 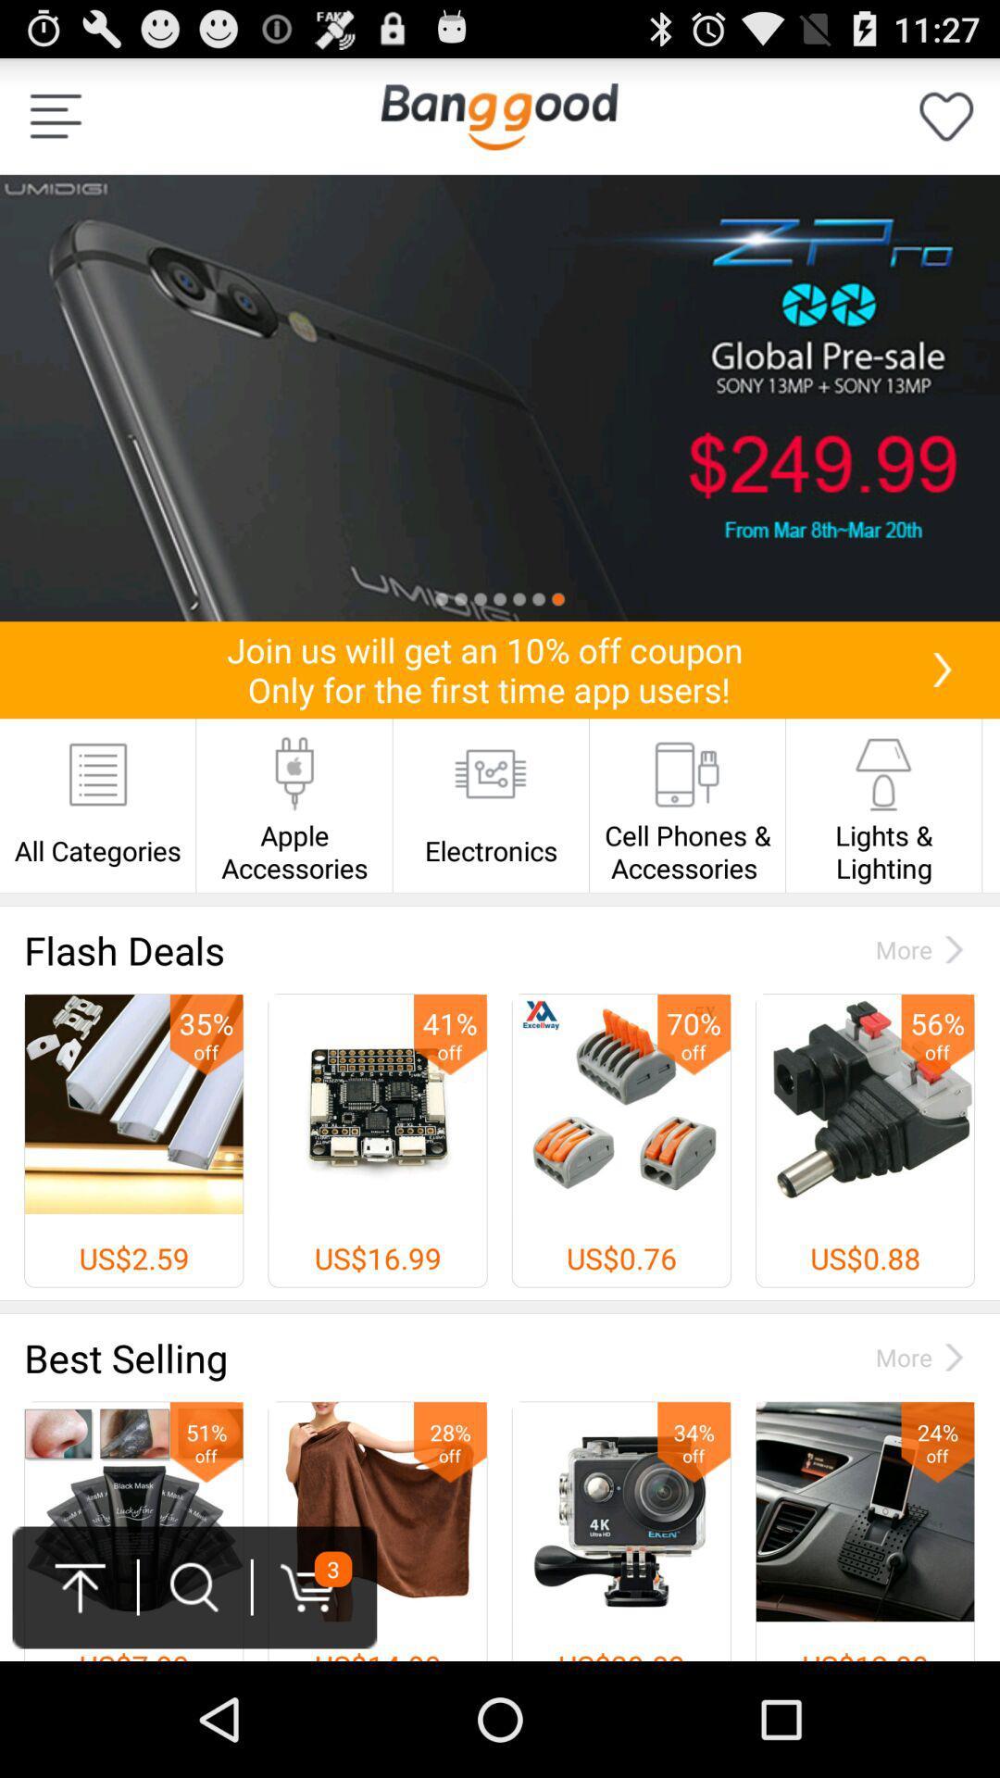 I want to click on bang good home page, so click(x=498, y=115).